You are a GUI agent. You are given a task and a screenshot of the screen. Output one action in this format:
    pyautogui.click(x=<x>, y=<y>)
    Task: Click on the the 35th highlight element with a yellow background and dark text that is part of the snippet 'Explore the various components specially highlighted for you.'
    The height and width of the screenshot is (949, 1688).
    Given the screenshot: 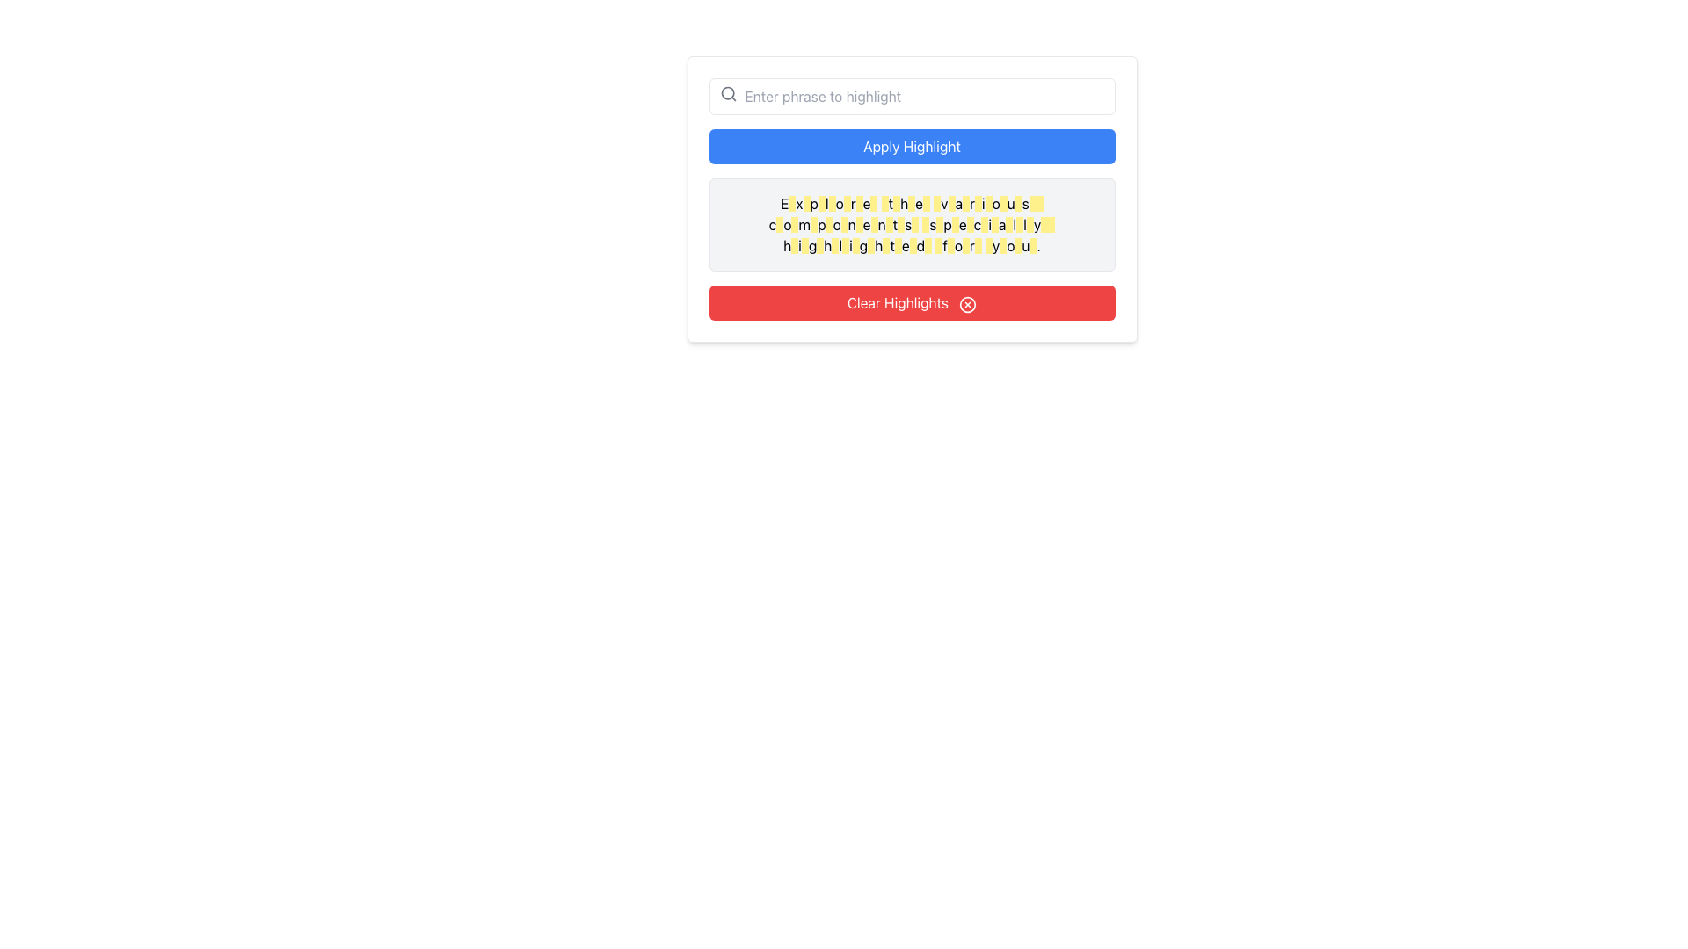 What is the action you would take?
    pyautogui.click(x=1030, y=223)
    